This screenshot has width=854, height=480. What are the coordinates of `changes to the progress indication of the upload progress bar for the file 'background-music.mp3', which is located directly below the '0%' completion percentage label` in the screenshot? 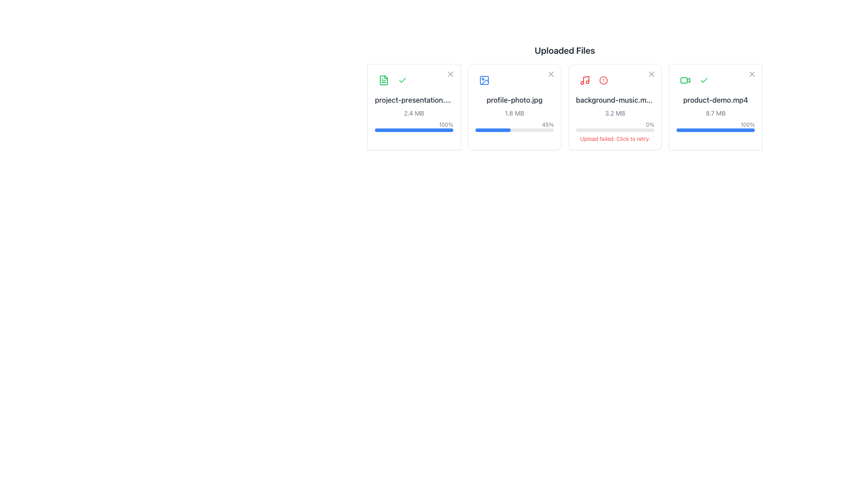 It's located at (614, 130).